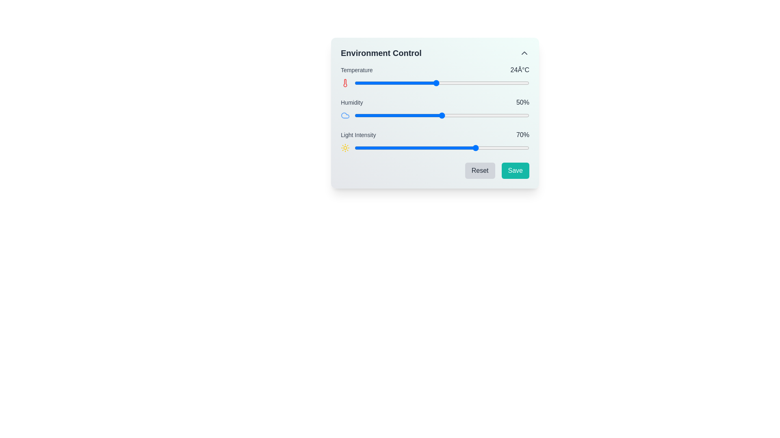  Describe the element at coordinates (494, 116) in the screenshot. I see `the humidity` at that location.